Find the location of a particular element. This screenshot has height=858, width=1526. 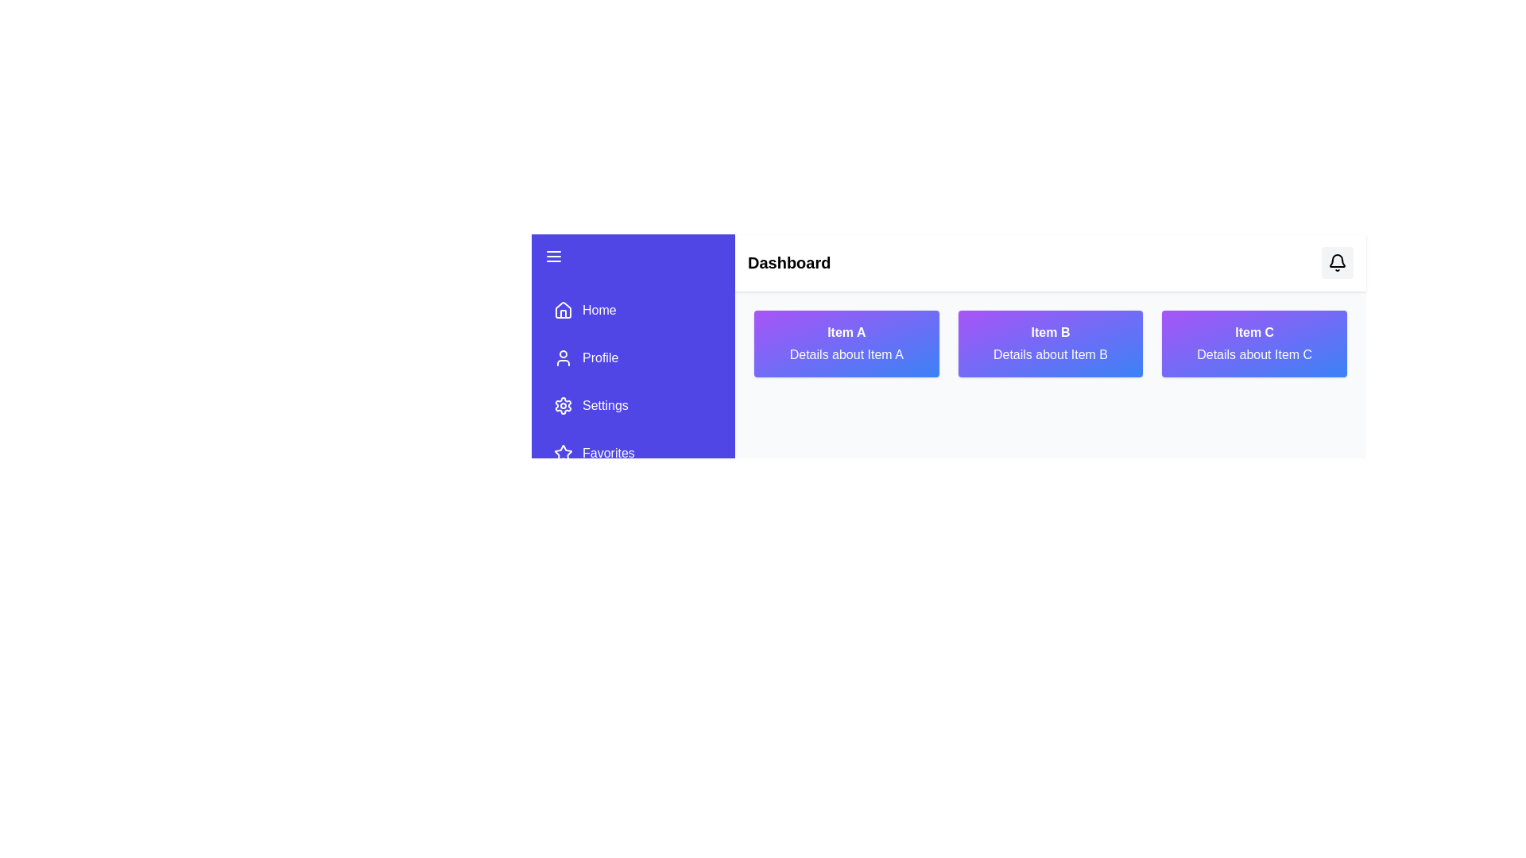

the 'Home' text label in the vertical navigation menu, which is displayed in white on a blue background and is located to the immediate right of a house icon is located at coordinates (598, 310).